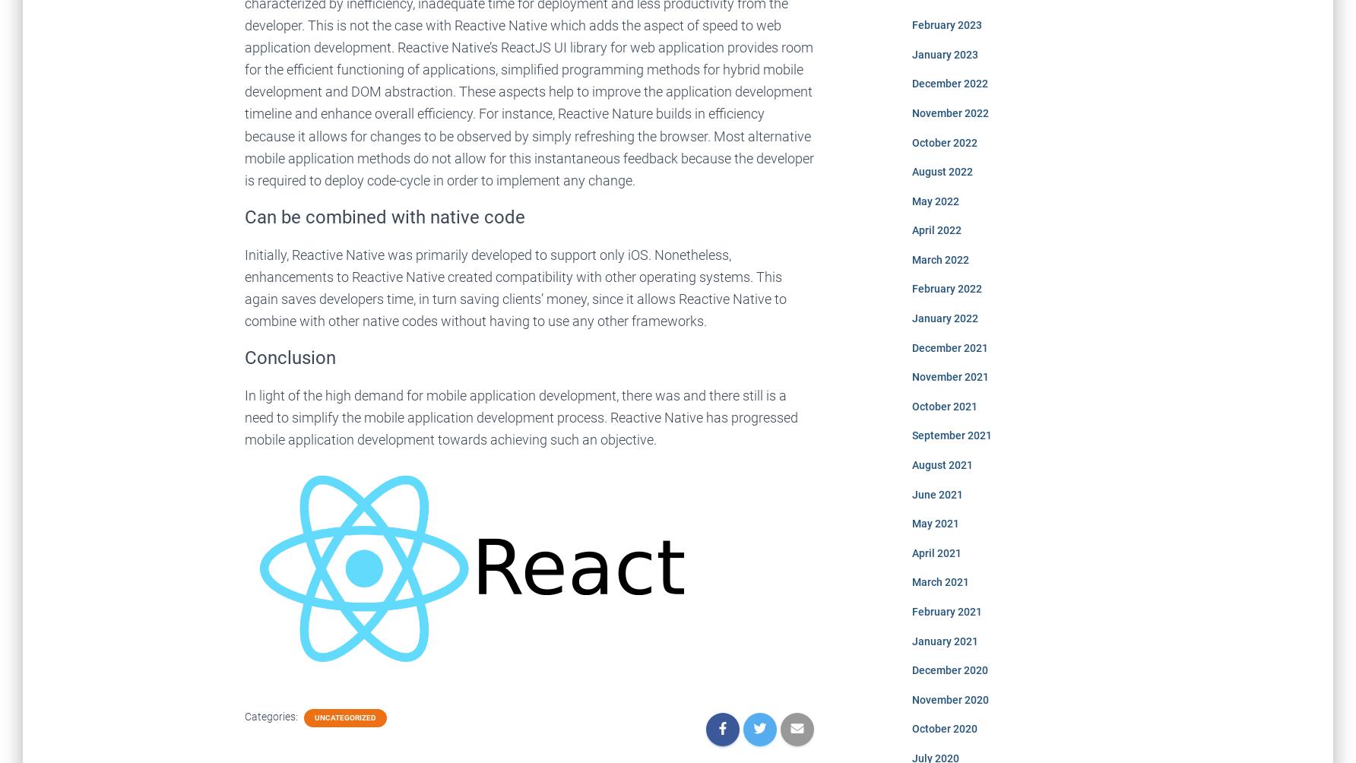  I want to click on 'April 2022', so click(935, 230).